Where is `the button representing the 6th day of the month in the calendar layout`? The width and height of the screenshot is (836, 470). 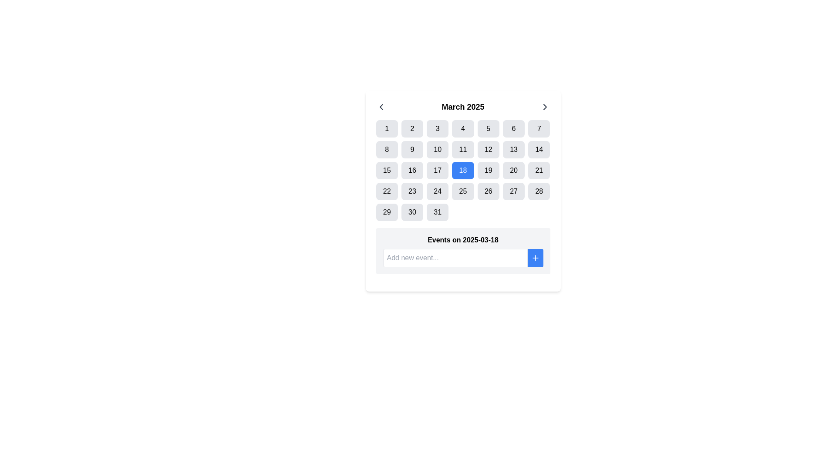 the button representing the 6th day of the month in the calendar layout is located at coordinates (514, 129).